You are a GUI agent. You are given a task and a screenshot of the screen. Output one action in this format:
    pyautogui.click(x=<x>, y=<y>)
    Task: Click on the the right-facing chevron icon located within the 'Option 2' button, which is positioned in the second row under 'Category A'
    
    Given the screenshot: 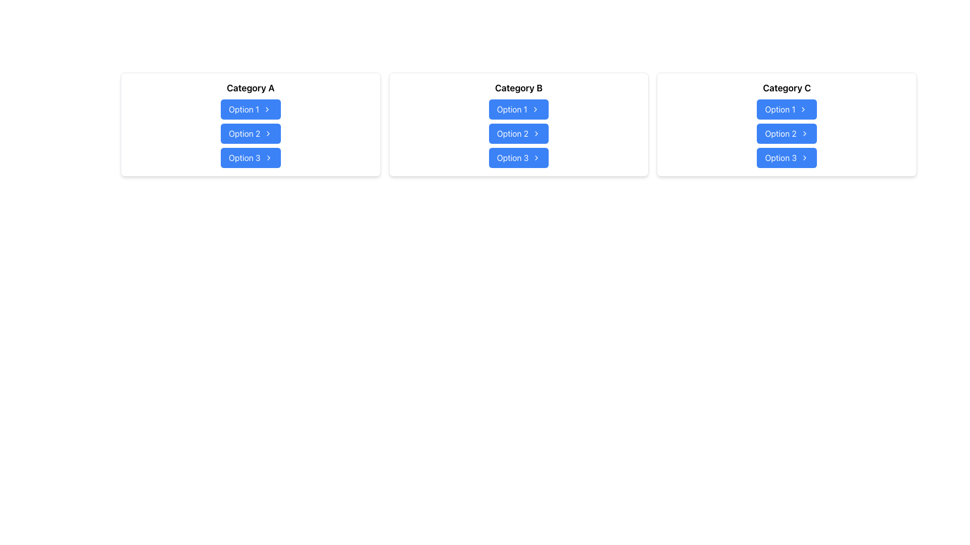 What is the action you would take?
    pyautogui.click(x=268, y=133)
    